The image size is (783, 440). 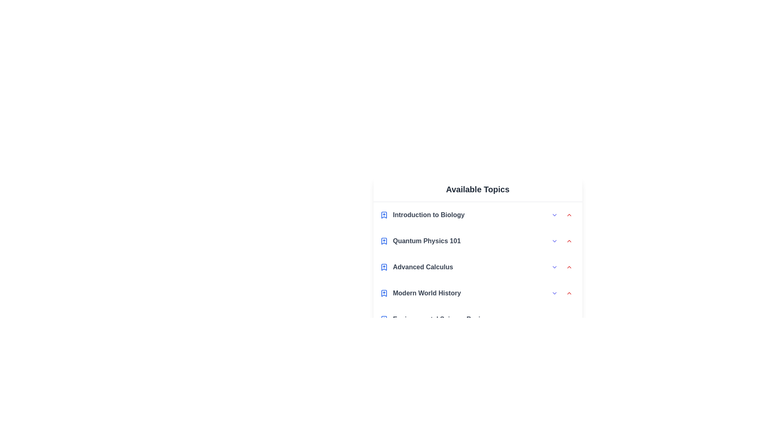 I want to click on the bookmark icon of the topic Quantum Physics 101, so click(x=383, y=240).